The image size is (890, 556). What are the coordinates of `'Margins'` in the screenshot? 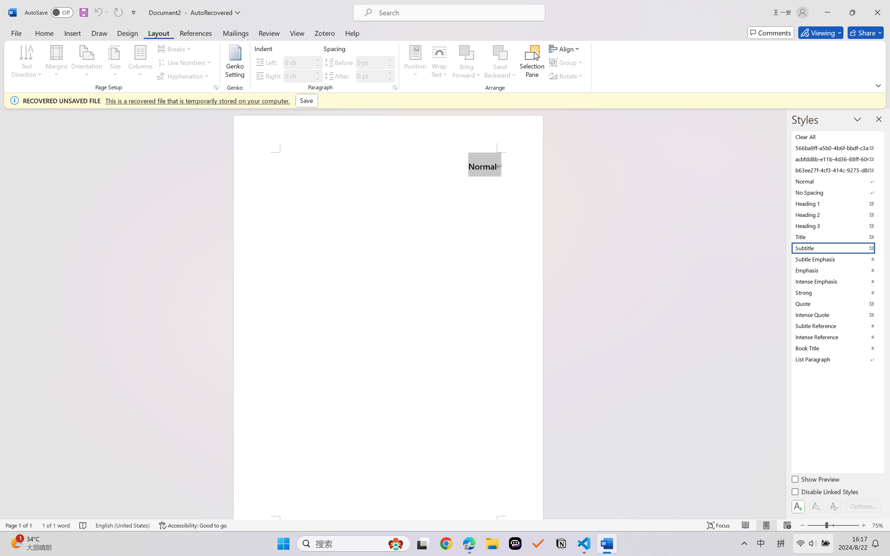 It's located at (56, 63).